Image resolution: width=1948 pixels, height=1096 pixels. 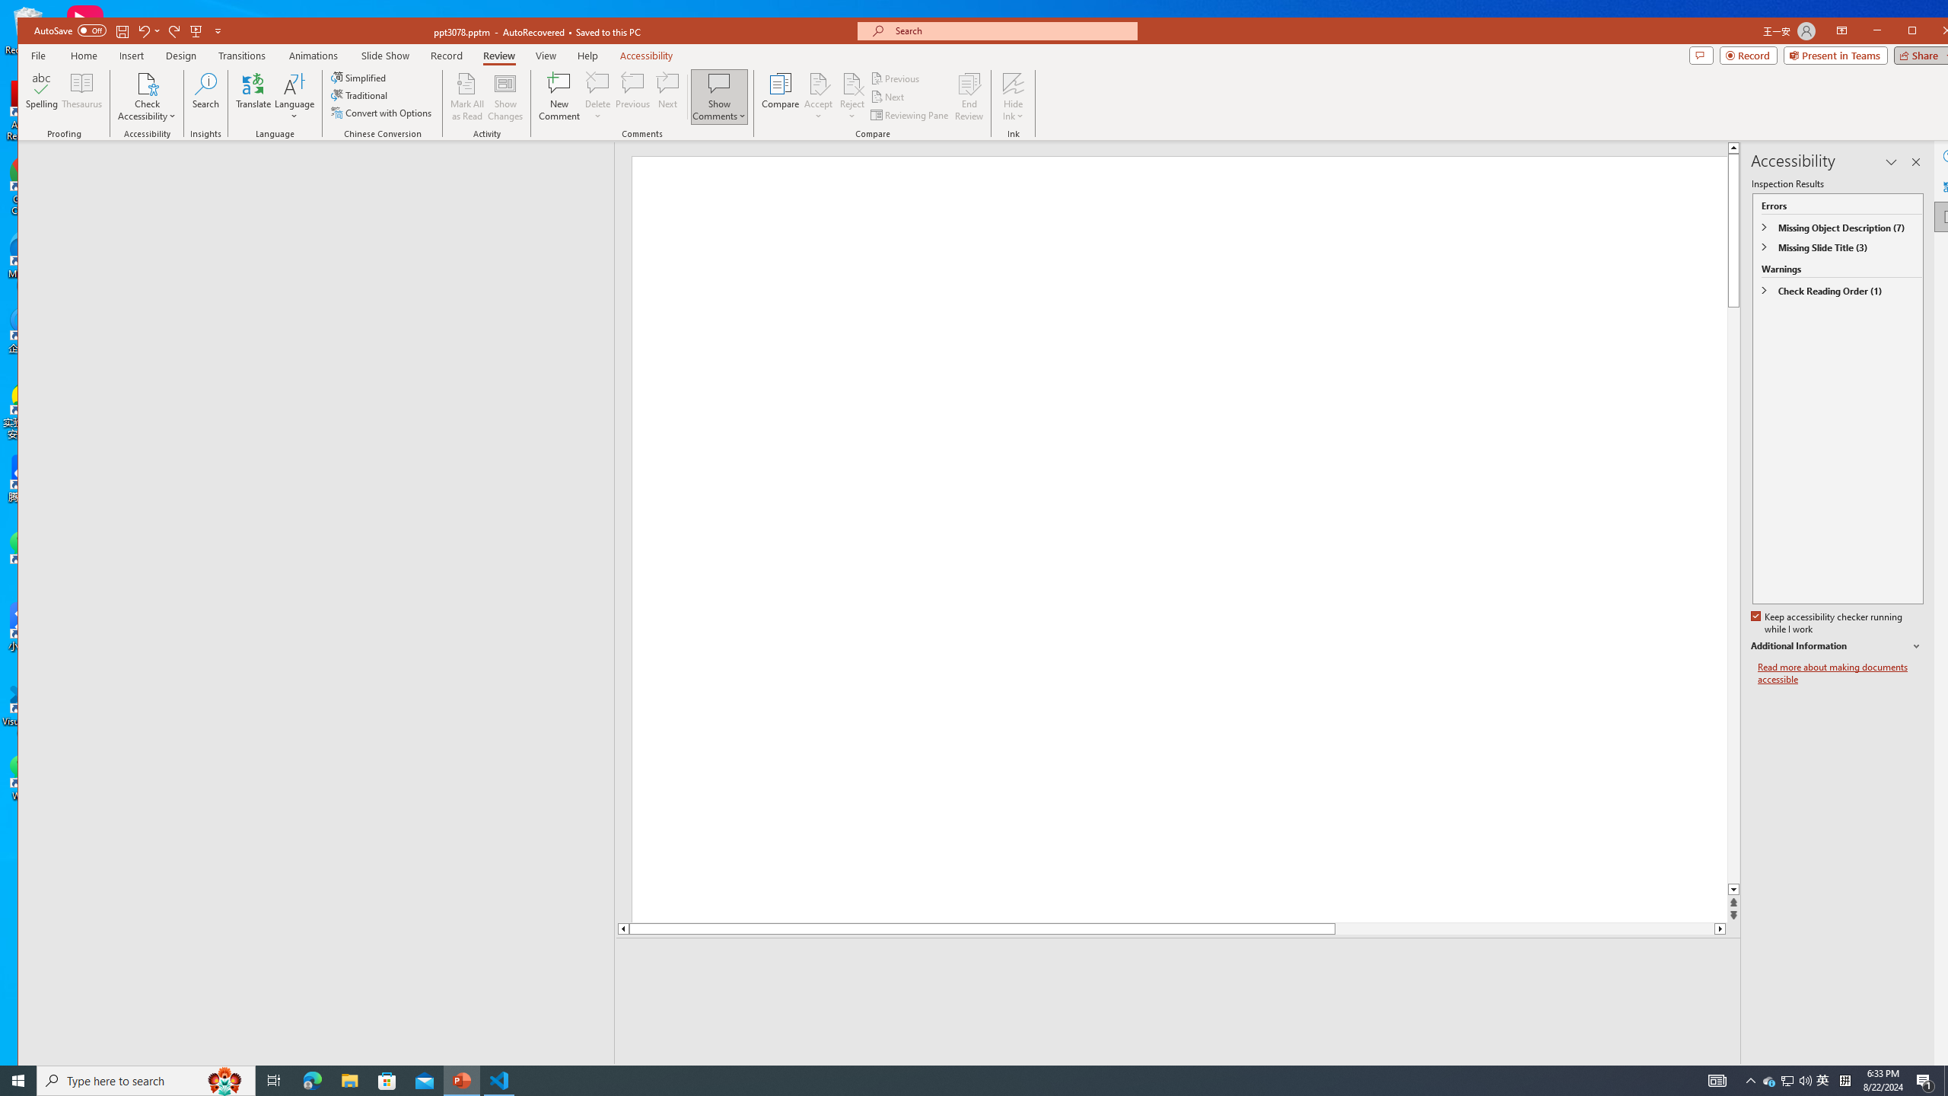 What do you see at coordinates (294, 96) in the screenshot?
I see `'Language'` at bounding box center [294, 96].